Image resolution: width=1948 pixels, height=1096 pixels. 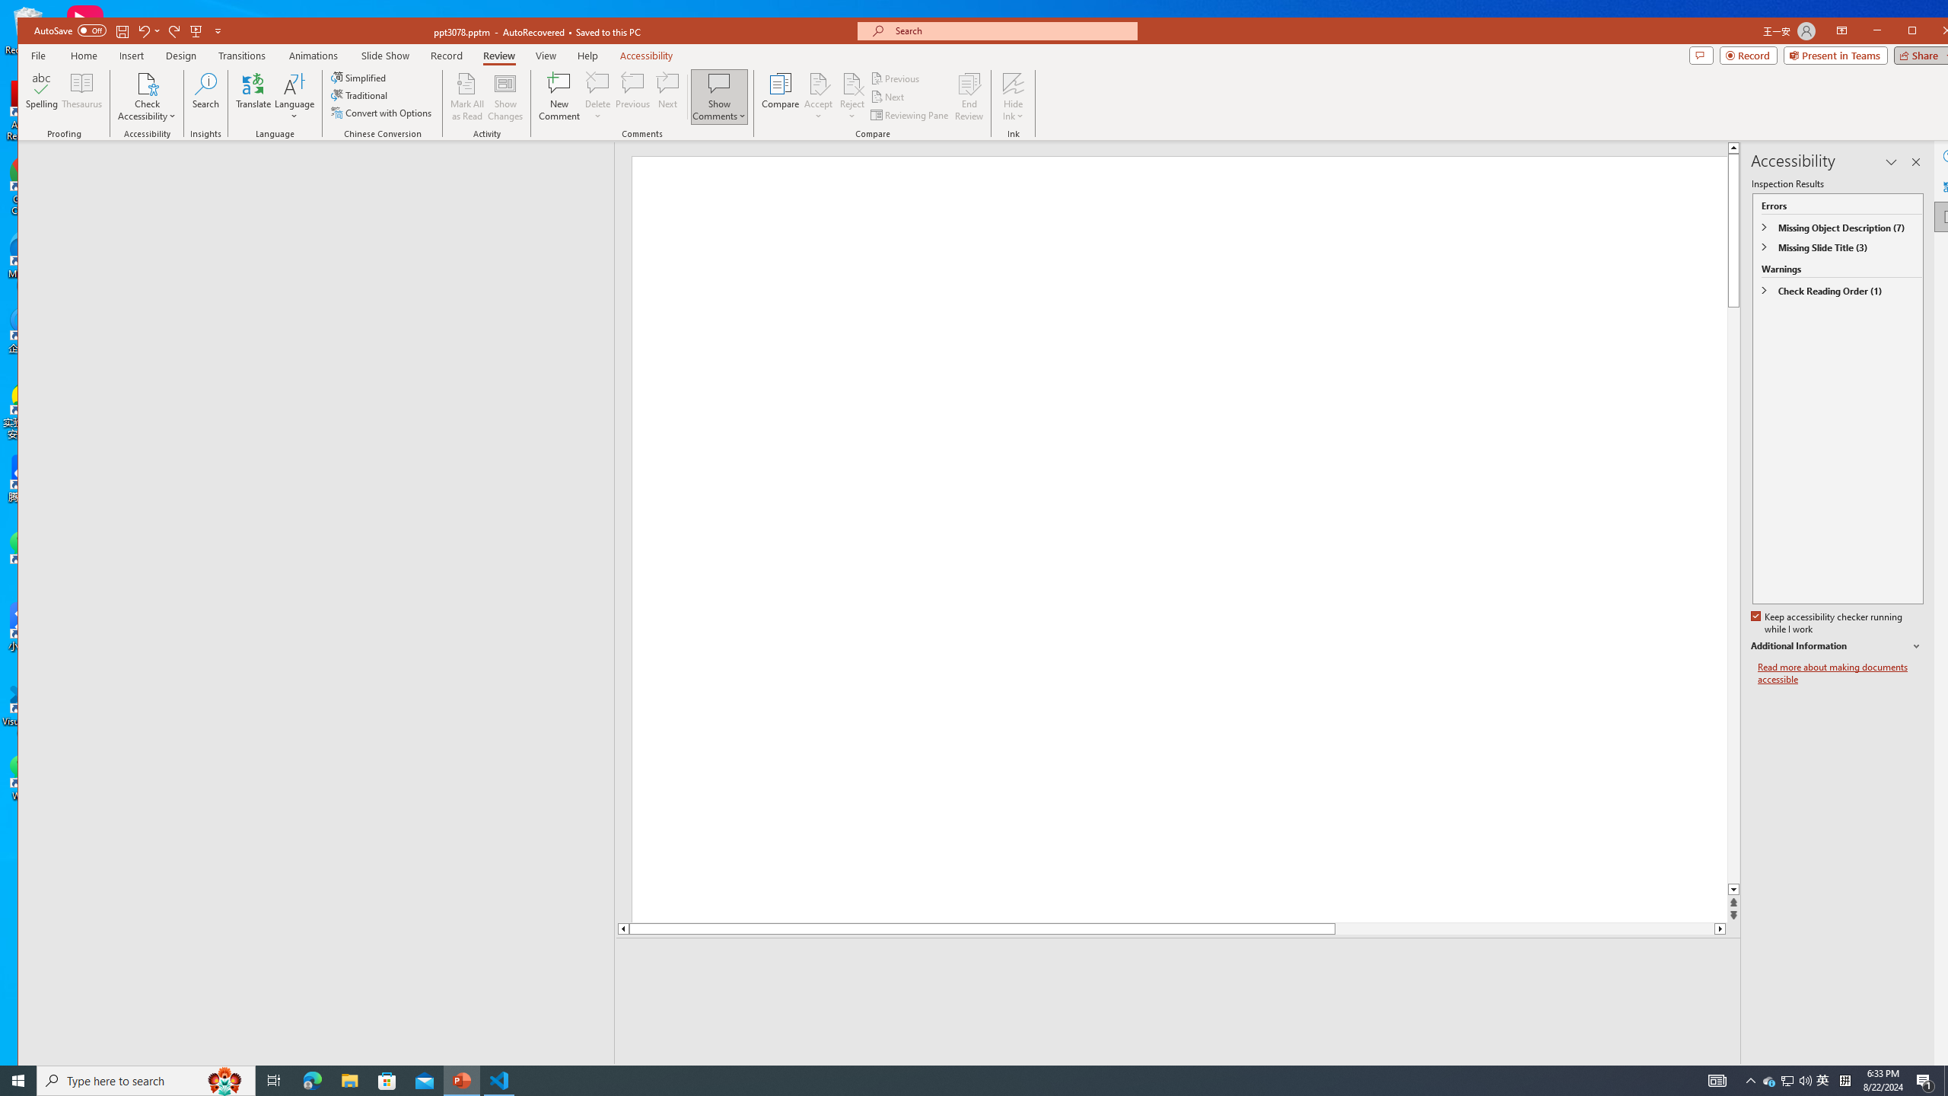 What do you see at coordinates (294, 96) in the screenshot?
I see `'Language'` at bounding box center [294, 96].